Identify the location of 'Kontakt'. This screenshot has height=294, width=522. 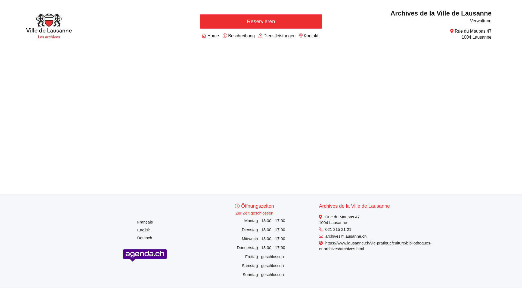
(311, 36).